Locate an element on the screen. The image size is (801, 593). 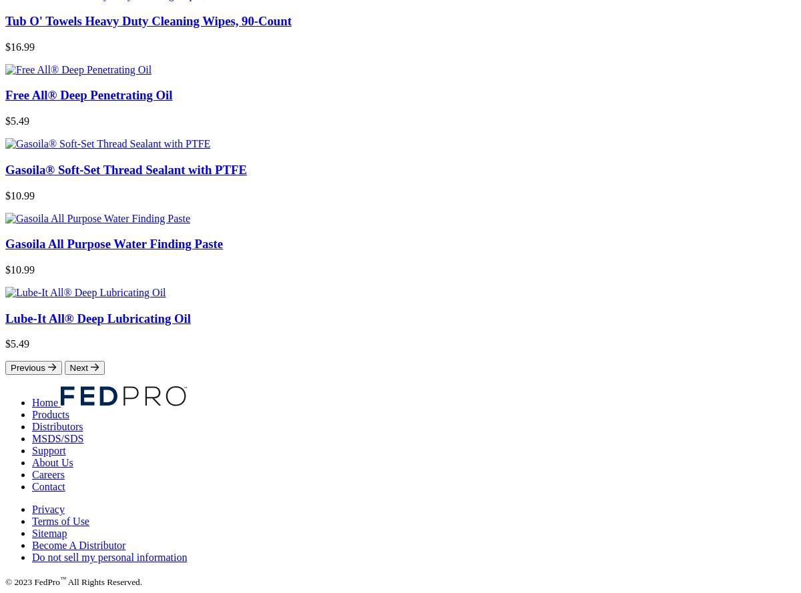
'Support' is located at coordinates (32, 450).